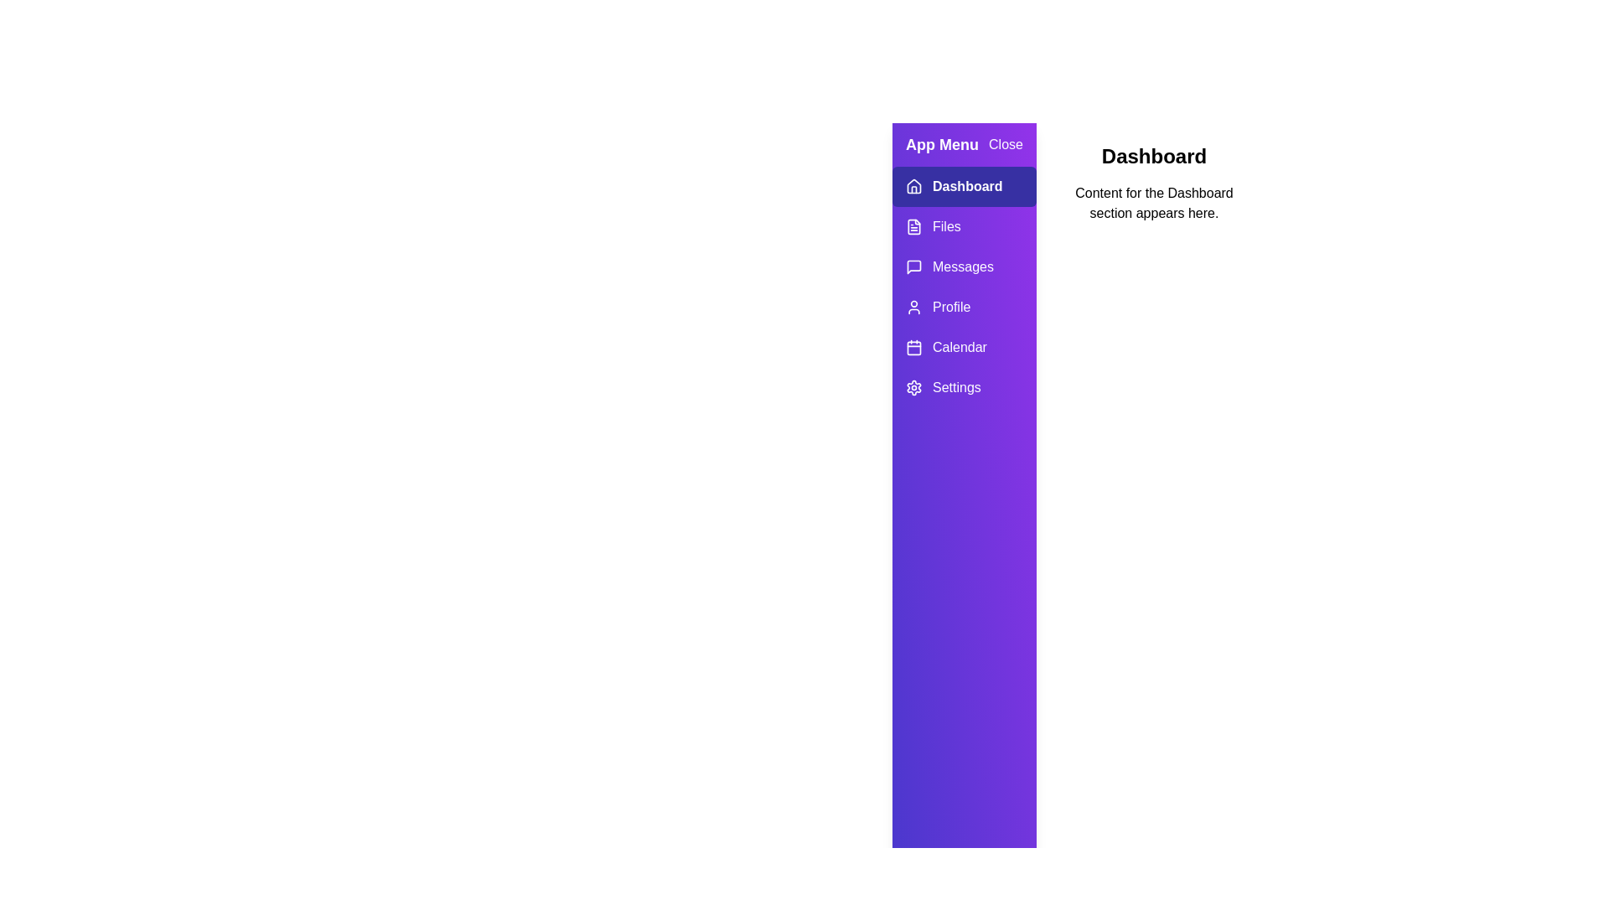 This screenshot has height=905, width=1609. Describe the element at coordinates (965, 387) in the screenshot. I see `the tab labeled Settings in the drawer` at that location.